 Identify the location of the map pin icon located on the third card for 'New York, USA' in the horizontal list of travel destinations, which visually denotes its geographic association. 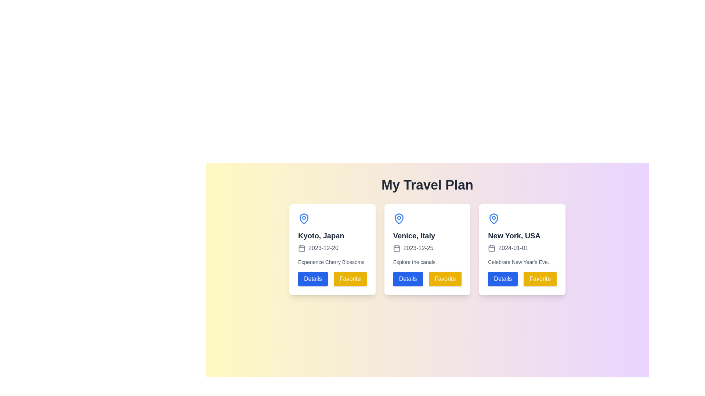
(494, 219).